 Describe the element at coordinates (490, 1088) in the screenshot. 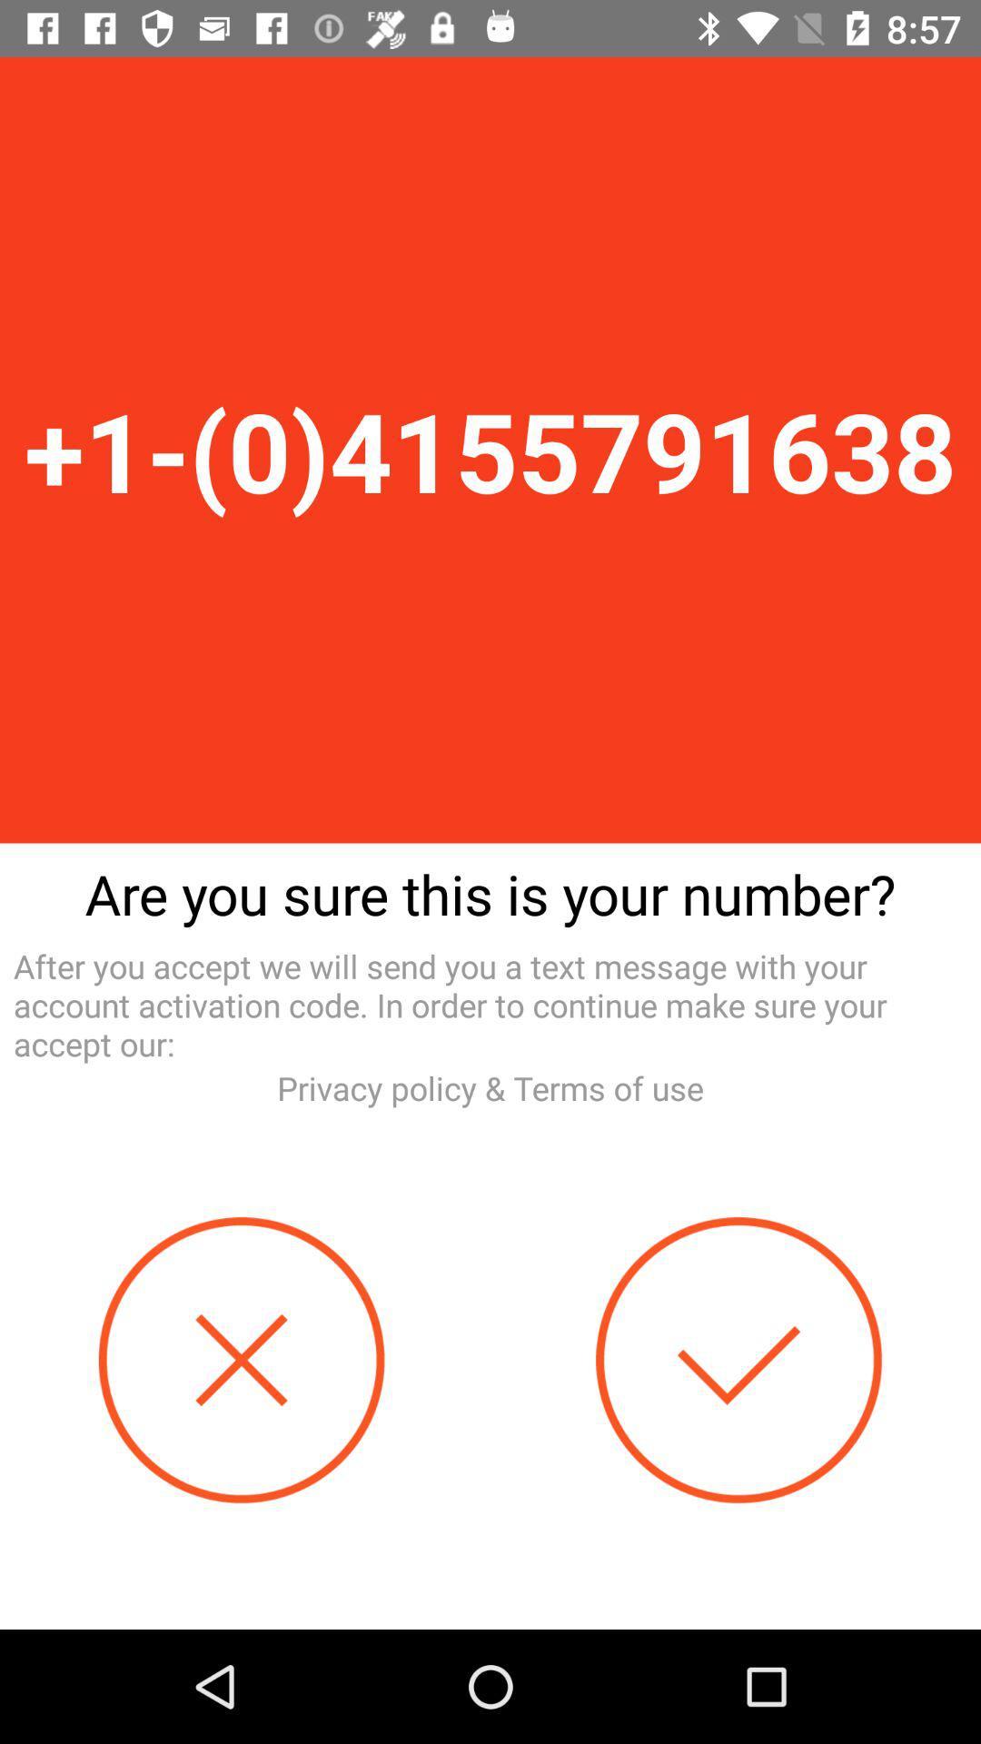

I see `the privacy policy terms icon` at that location.